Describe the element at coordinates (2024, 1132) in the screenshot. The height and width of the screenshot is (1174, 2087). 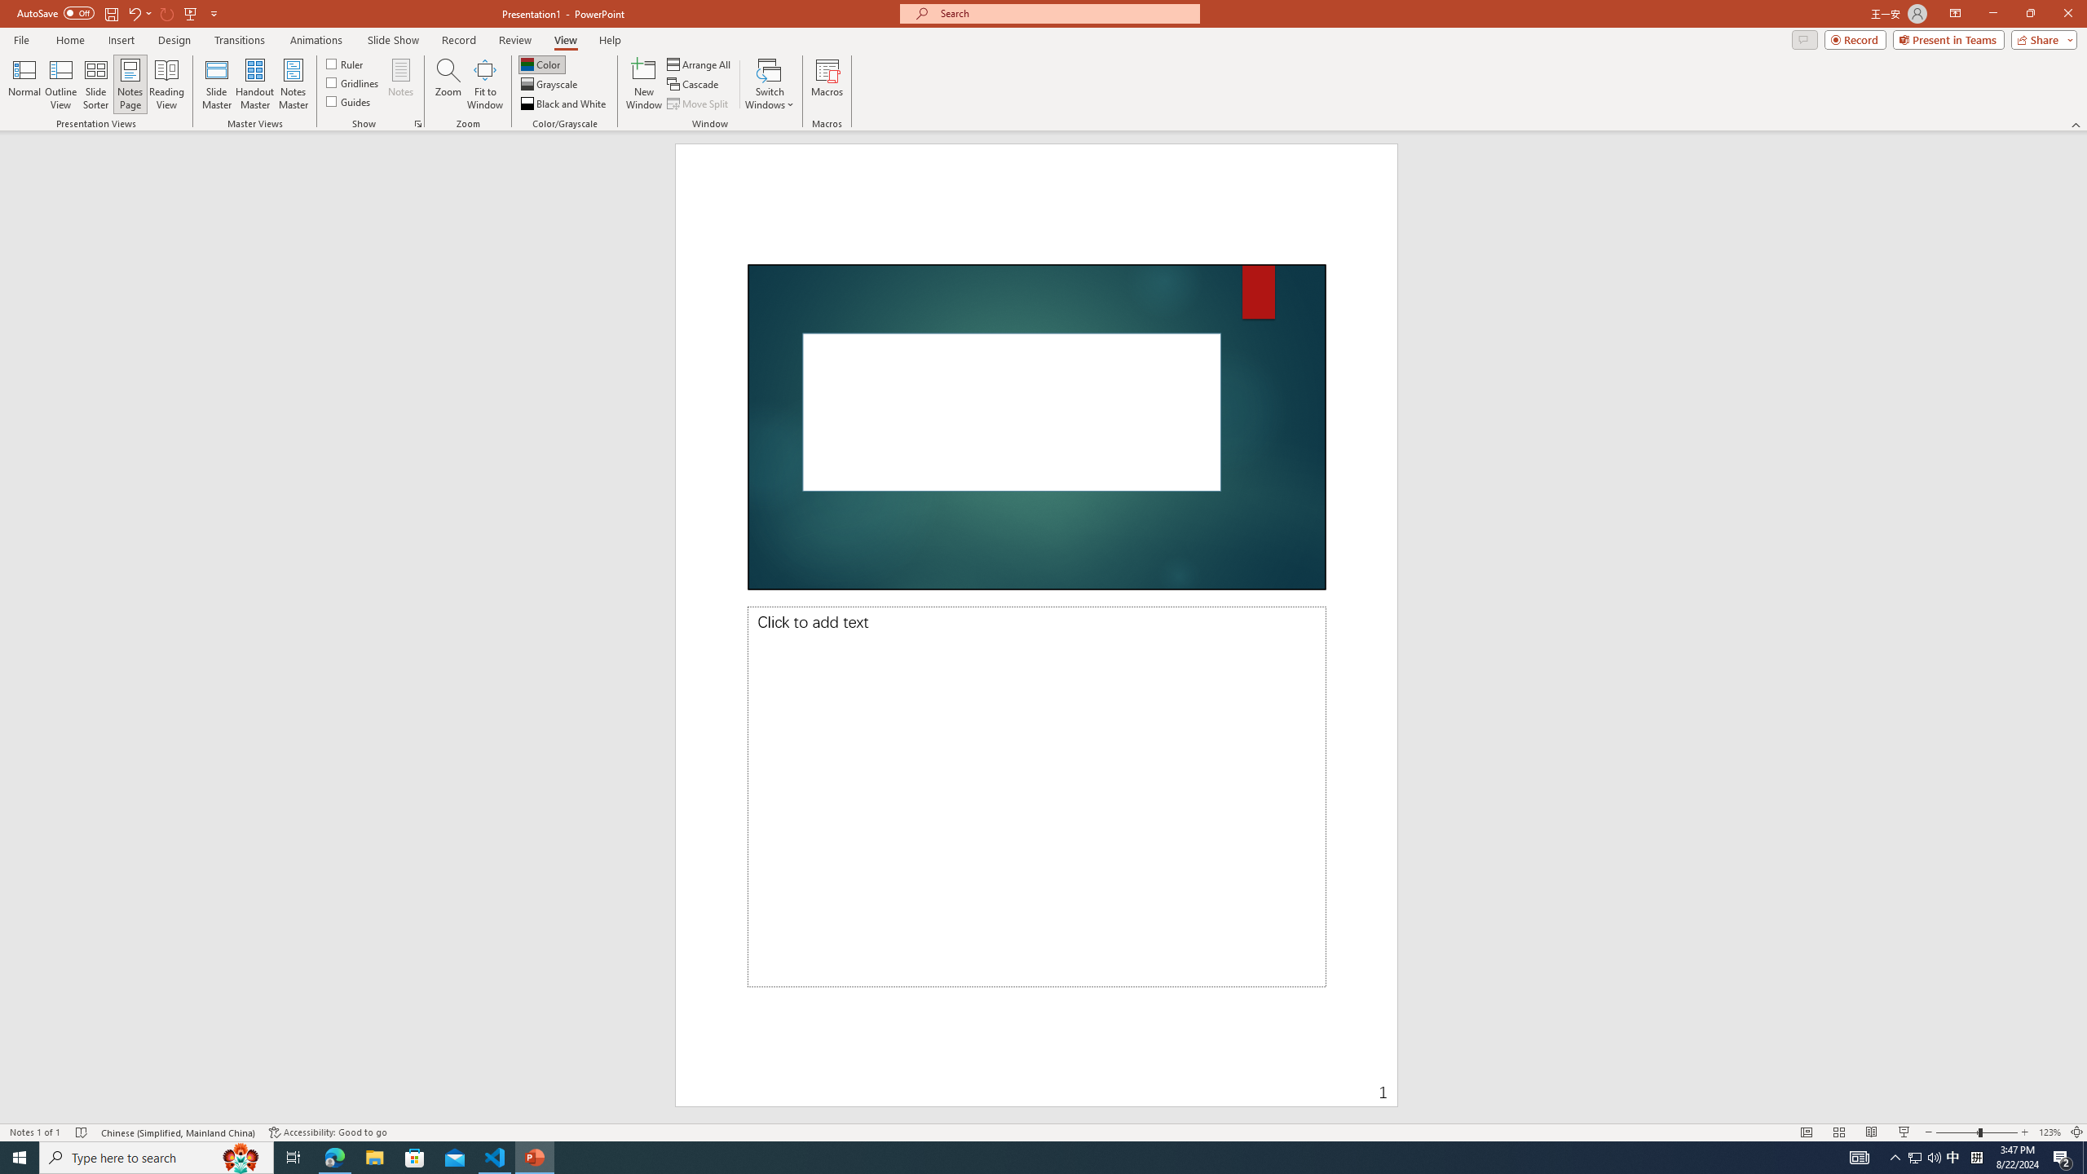
I see `'Zoom In'` at that location.